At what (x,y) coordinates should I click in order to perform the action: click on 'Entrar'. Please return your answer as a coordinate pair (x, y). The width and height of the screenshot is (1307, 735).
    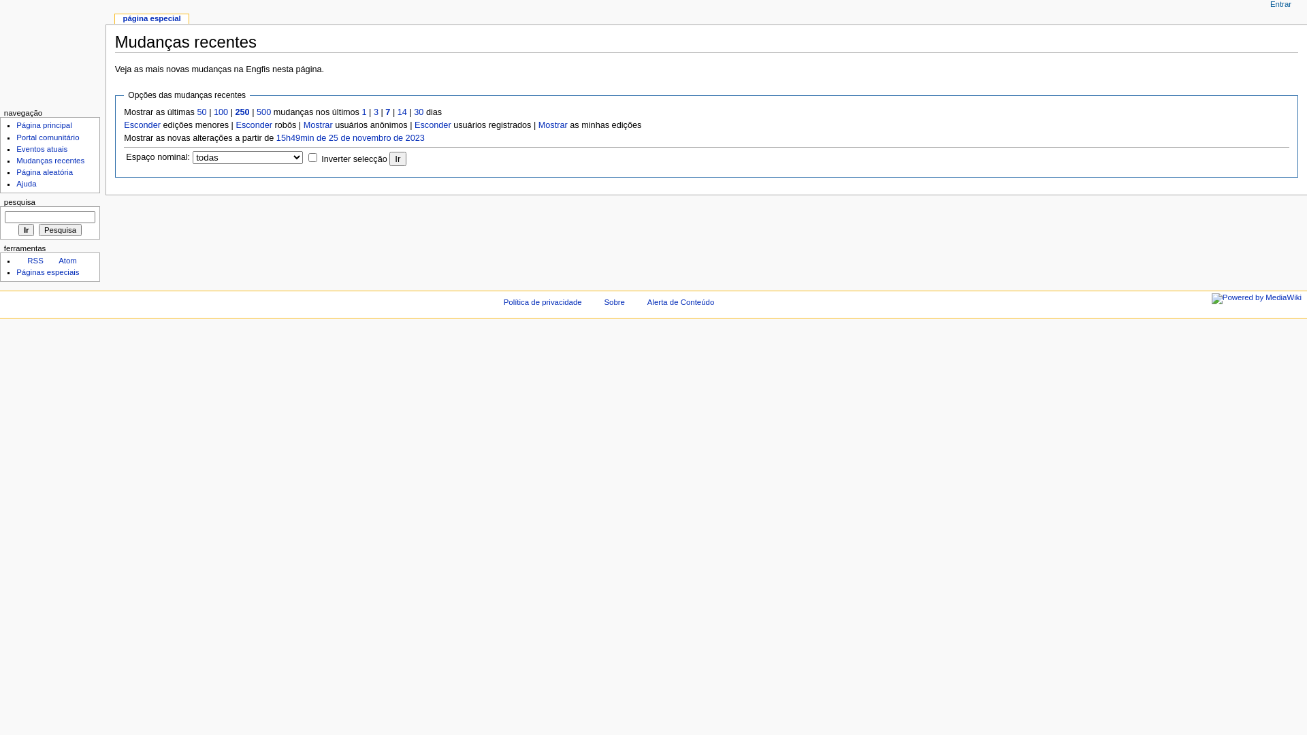
    Looking at the image, I should click on (1280, 5).